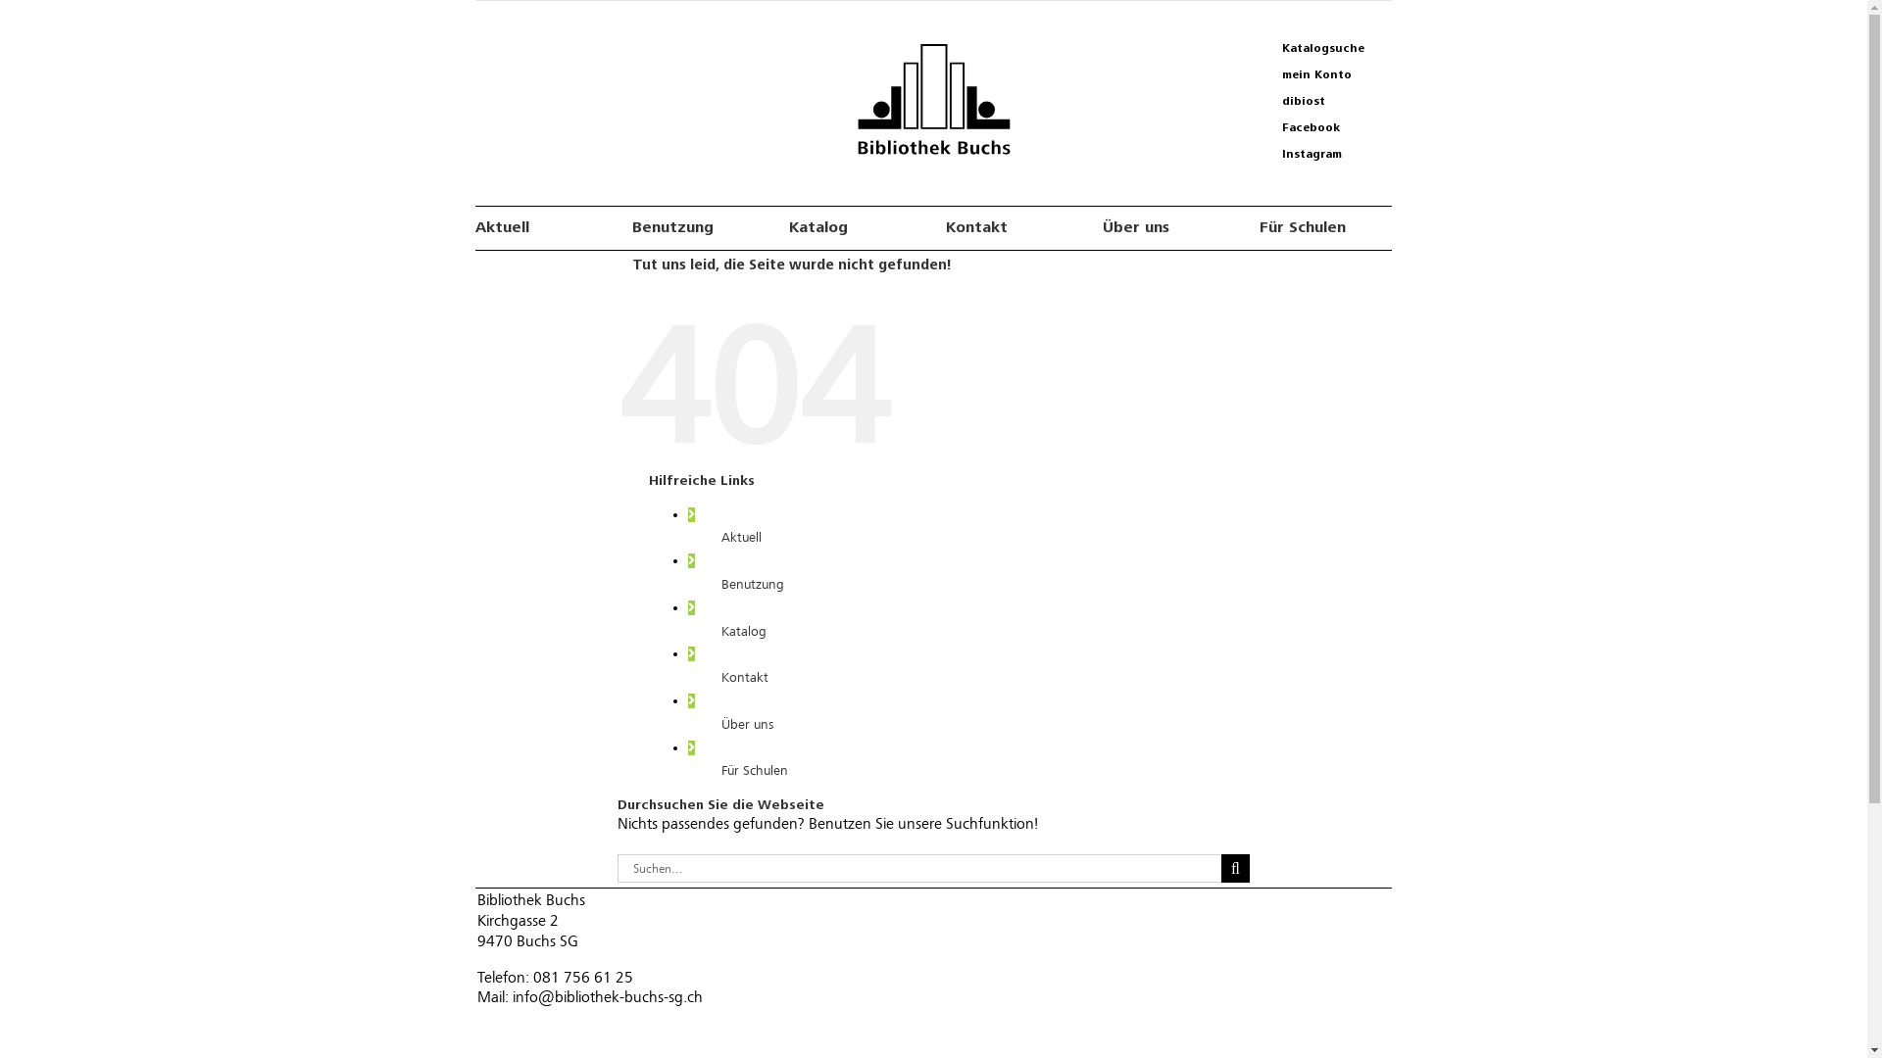 The height and width of the screenshot is (1058, 1882). I want to click on 'Kontakt', so click(743, 676).